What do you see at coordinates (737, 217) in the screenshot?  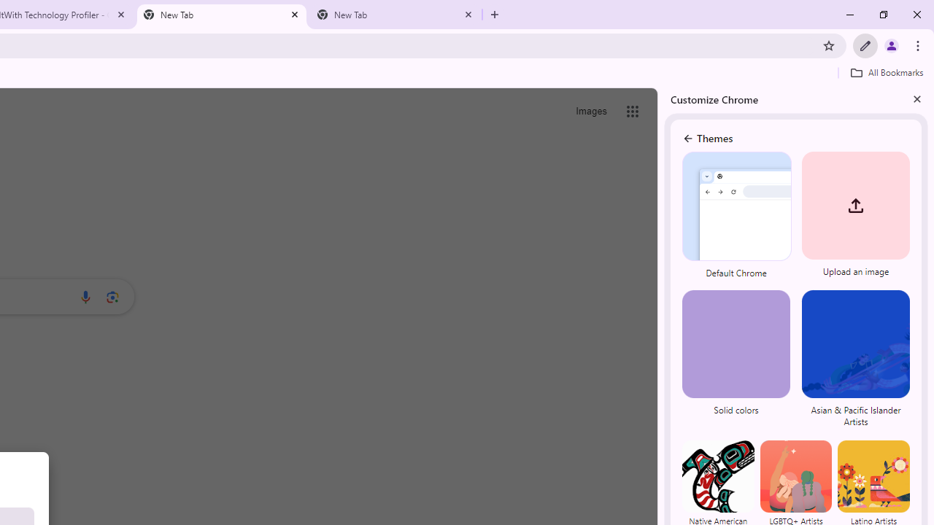 I see `'Default Chrome'` at bounding box center [737, 217].